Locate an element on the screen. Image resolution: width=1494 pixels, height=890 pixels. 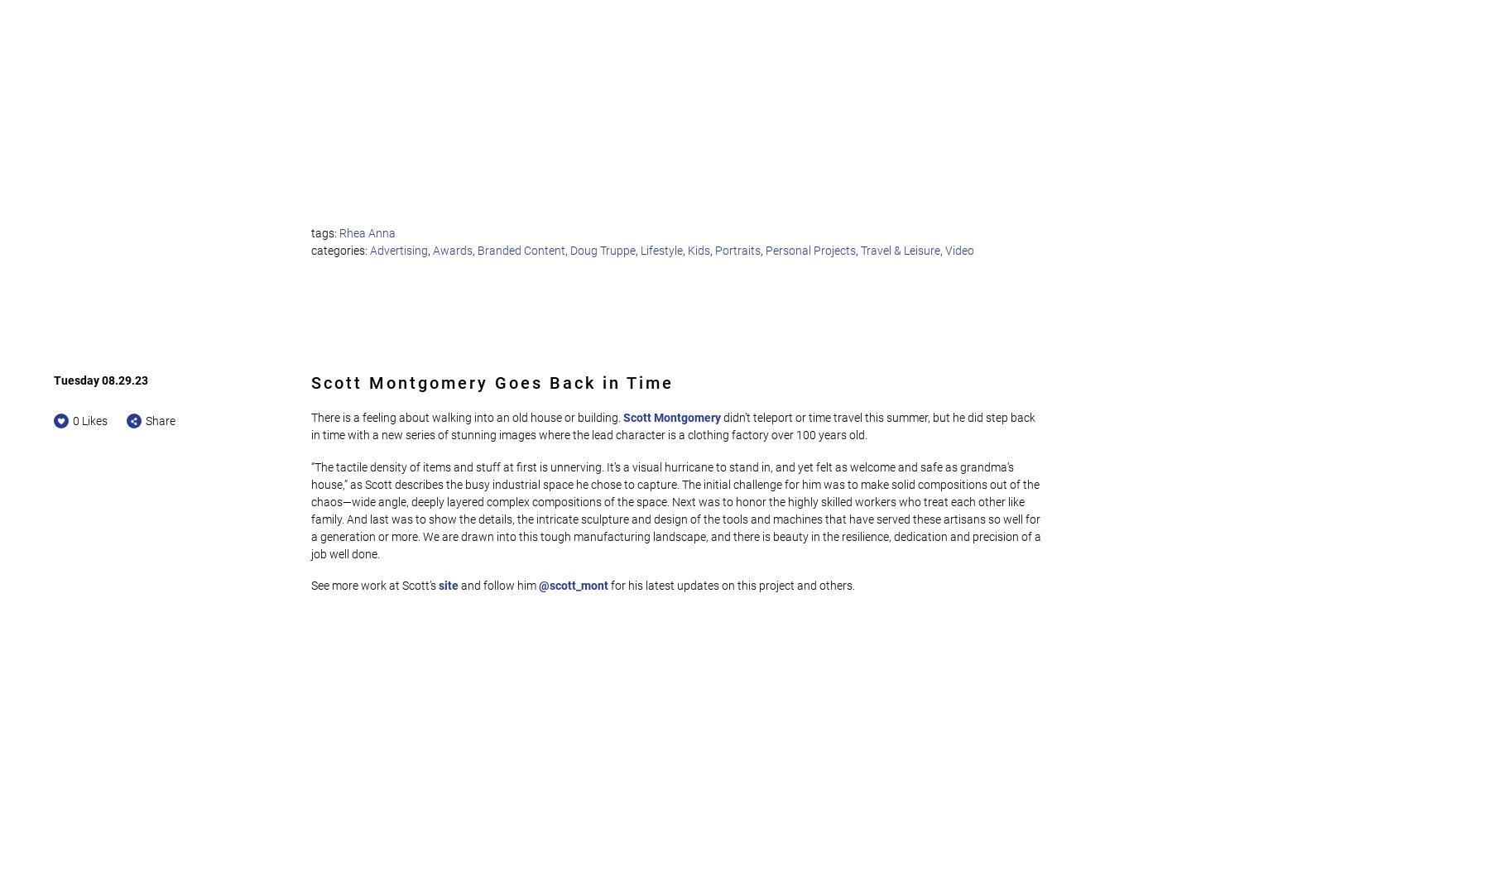
'Personal Projects' is located at coordinates (766, 250).